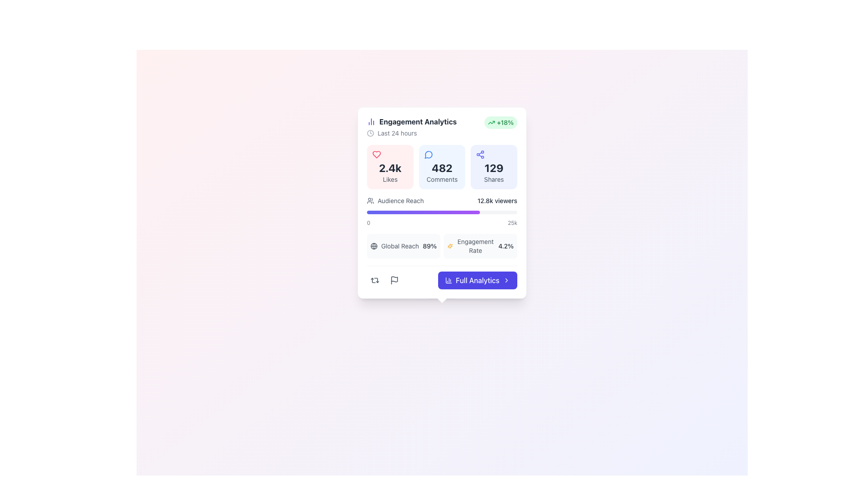 The height and width of the screenshot is (480, 854). I want to click on the purple rectangular button labeled 'Full Analytics', so click(477, 280).